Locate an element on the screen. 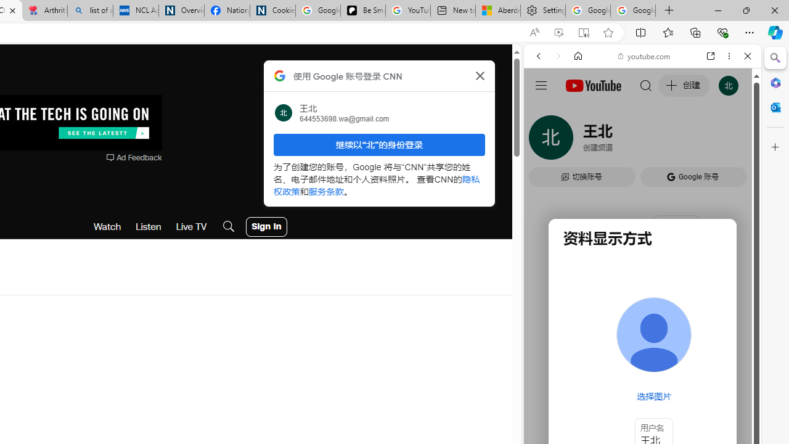 The image size is (789, 444). 'Google' is located at coordinates (642, 305).